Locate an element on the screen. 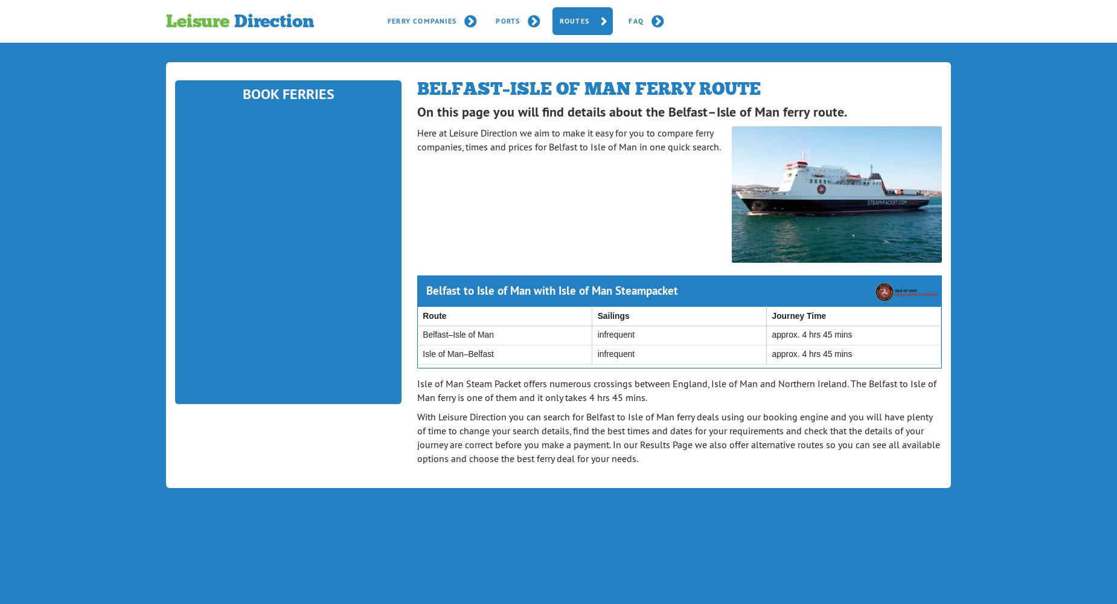 Image resolution: width=1117 pixels, height=604 pixels. 'Direction' is located at coordinates (273, 21).